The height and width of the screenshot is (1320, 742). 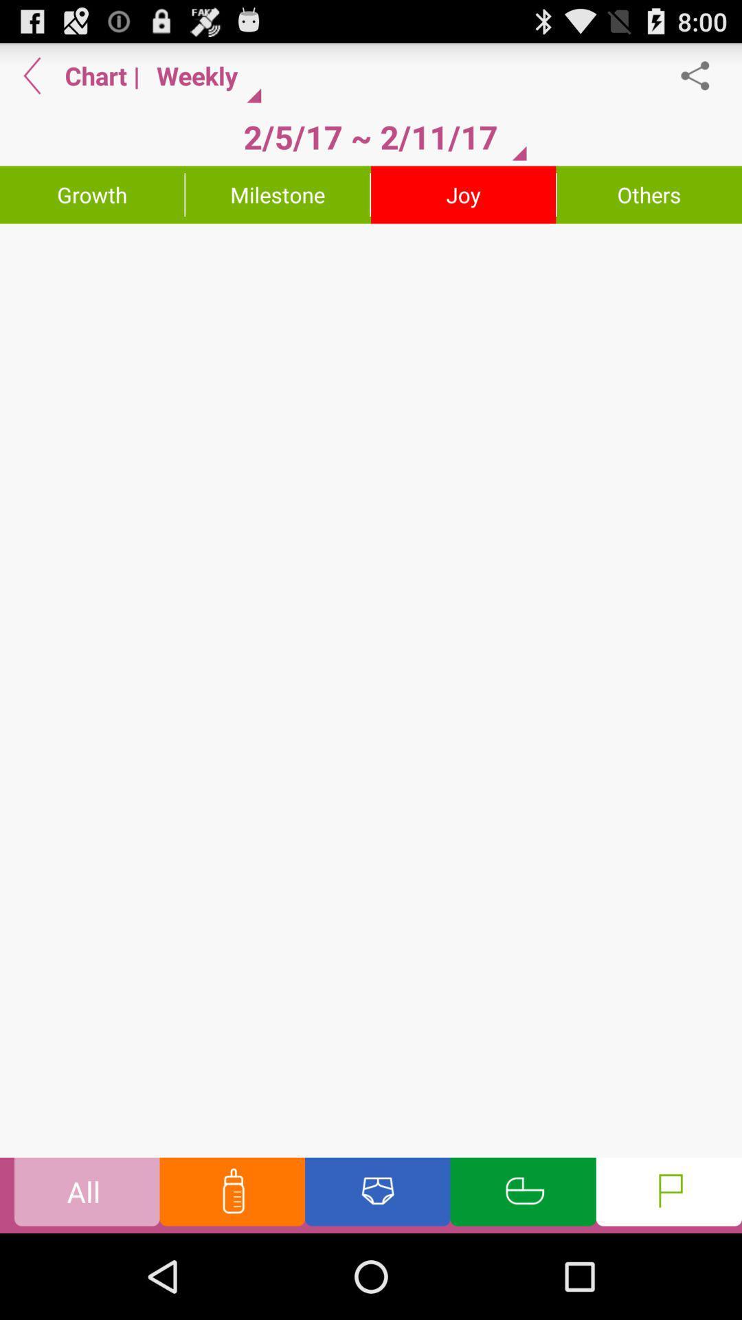 What do you see at coordinates (278, 194) in the screenshot?
I see `milestone item` at bounding box center [278, 194].